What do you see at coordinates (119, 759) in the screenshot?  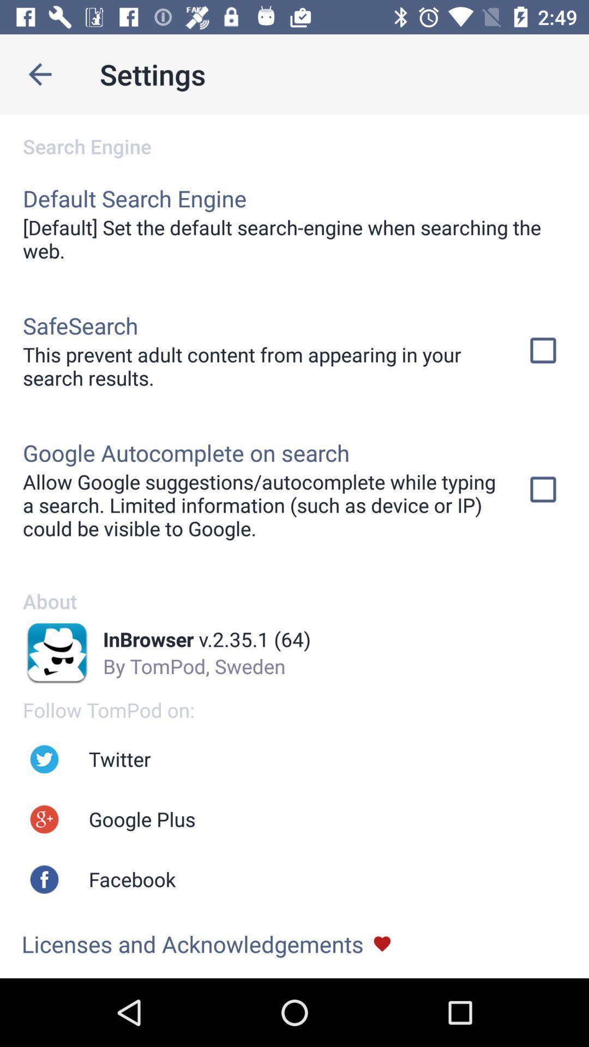 I see `icon below follow tompod on: item` at bounding box center [119, 759].